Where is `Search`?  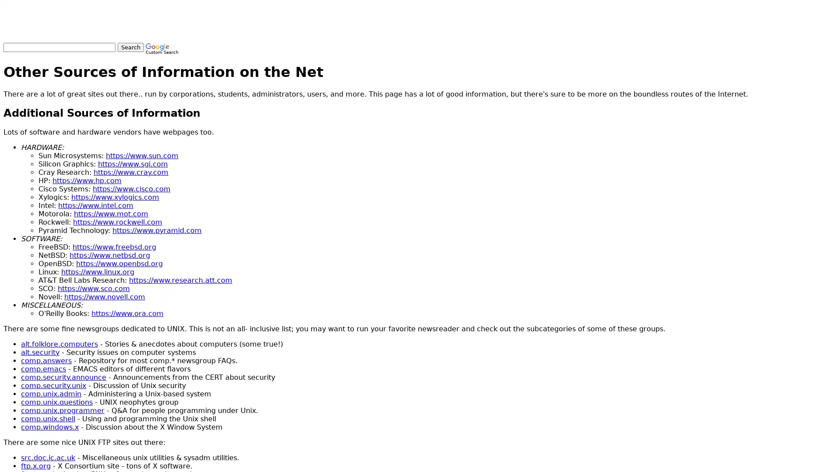
Search is located at coordinates (130, 47).